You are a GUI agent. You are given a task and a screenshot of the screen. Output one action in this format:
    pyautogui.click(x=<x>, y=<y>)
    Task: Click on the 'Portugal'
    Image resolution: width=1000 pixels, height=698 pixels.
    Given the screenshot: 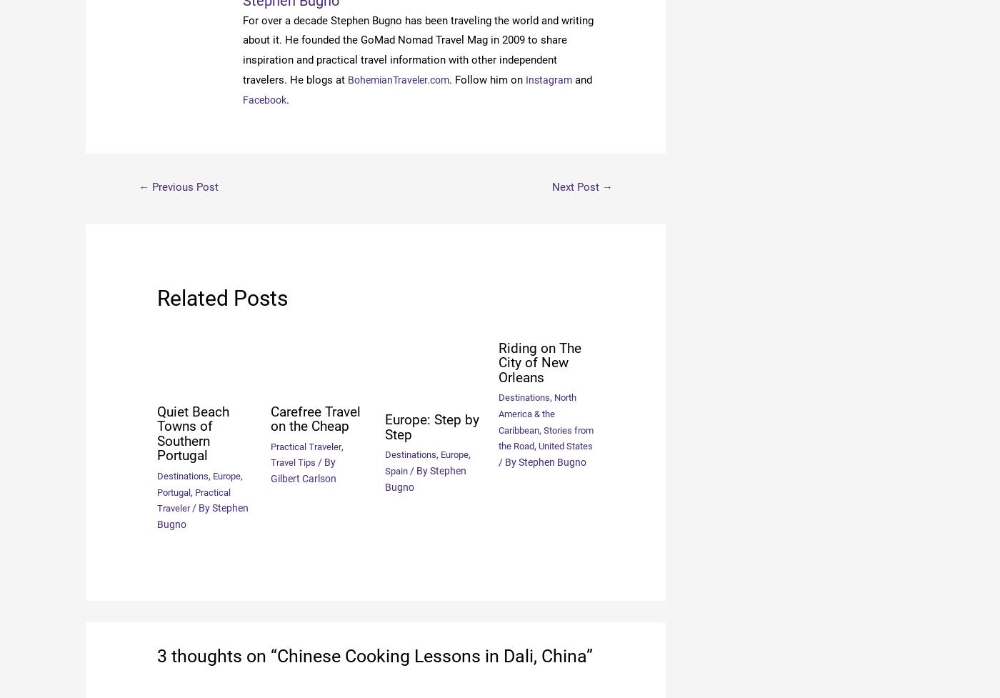 What is the action you would take?
    pyautogui.click(x=176, y=492)
    